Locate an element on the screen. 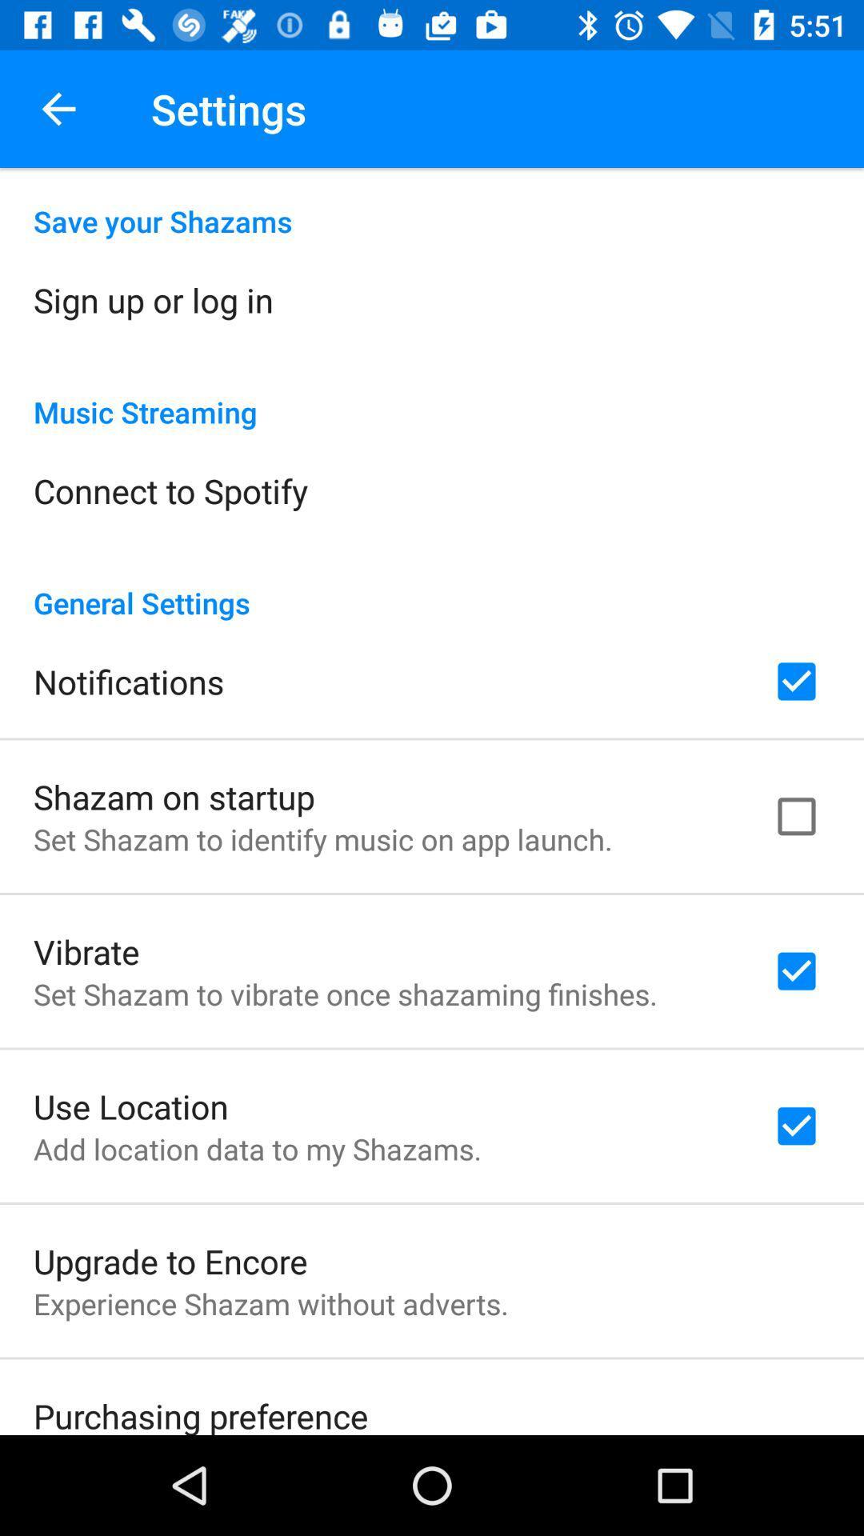 This screenshot has height=1536, width=864. the icon below the add location data item is located at coordinates (170, 1260).